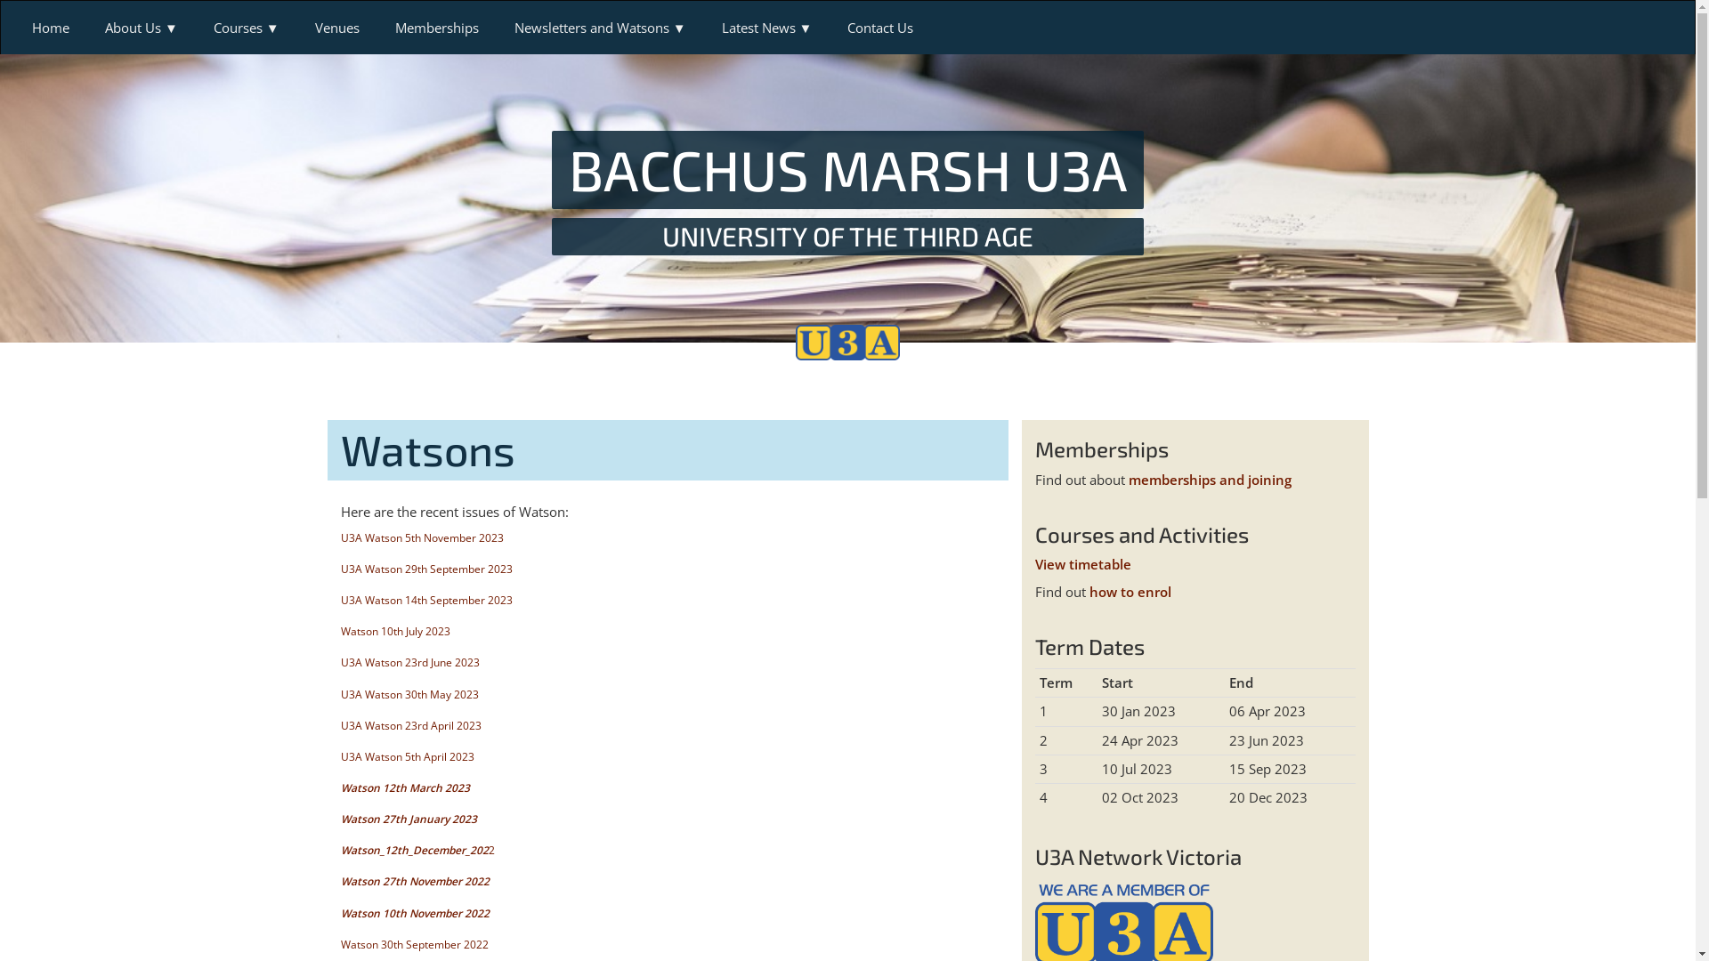 The image size is (1709, 961). I want to click on 'Watson 10th July 2023', so click(393, 630).